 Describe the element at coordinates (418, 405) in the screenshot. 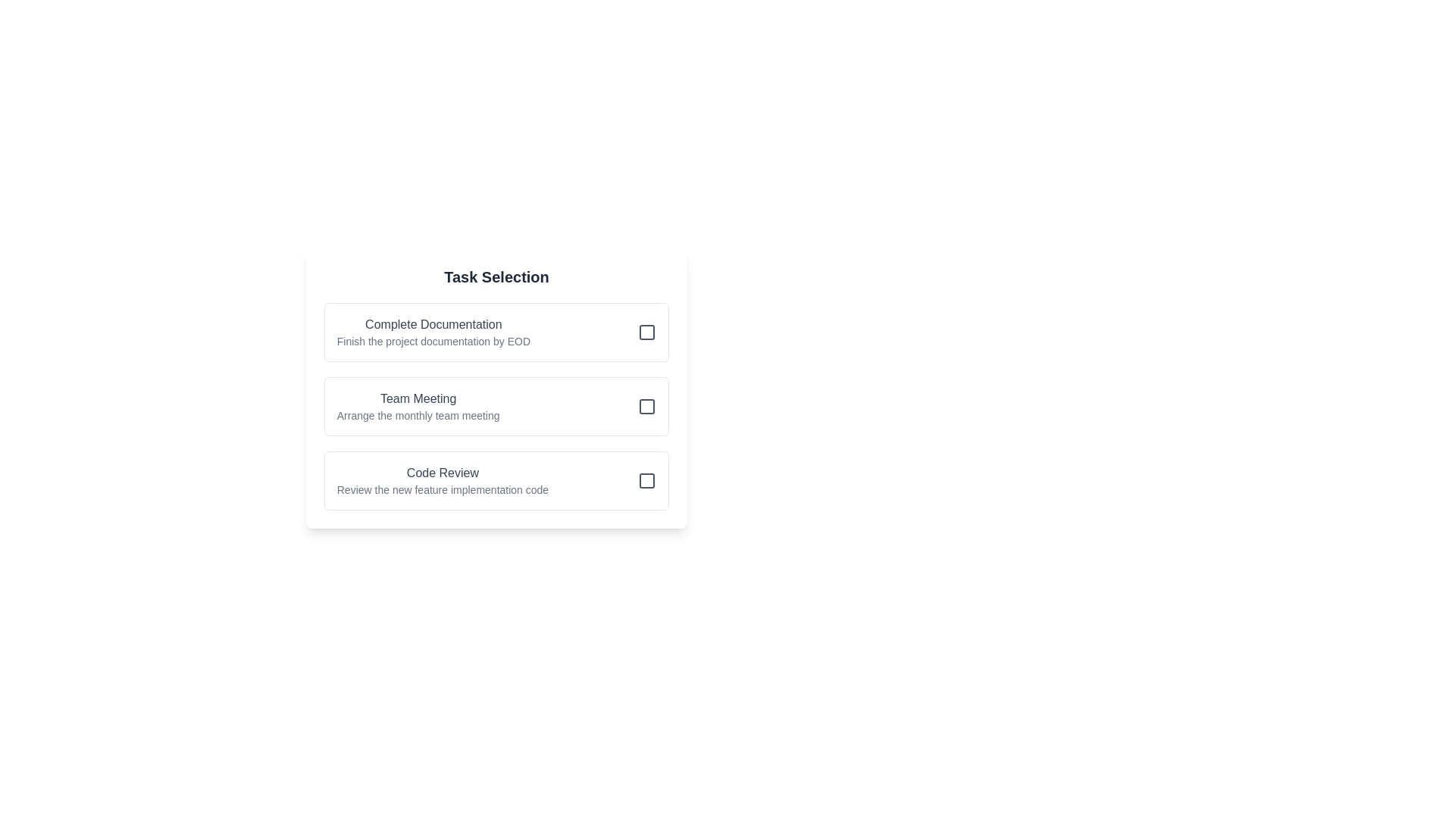

I see `the text block displaying 'Team Meeting' and 'Arrange the monthly meeting', which is styled with gray text and is the second item in a vertical list` at that location.